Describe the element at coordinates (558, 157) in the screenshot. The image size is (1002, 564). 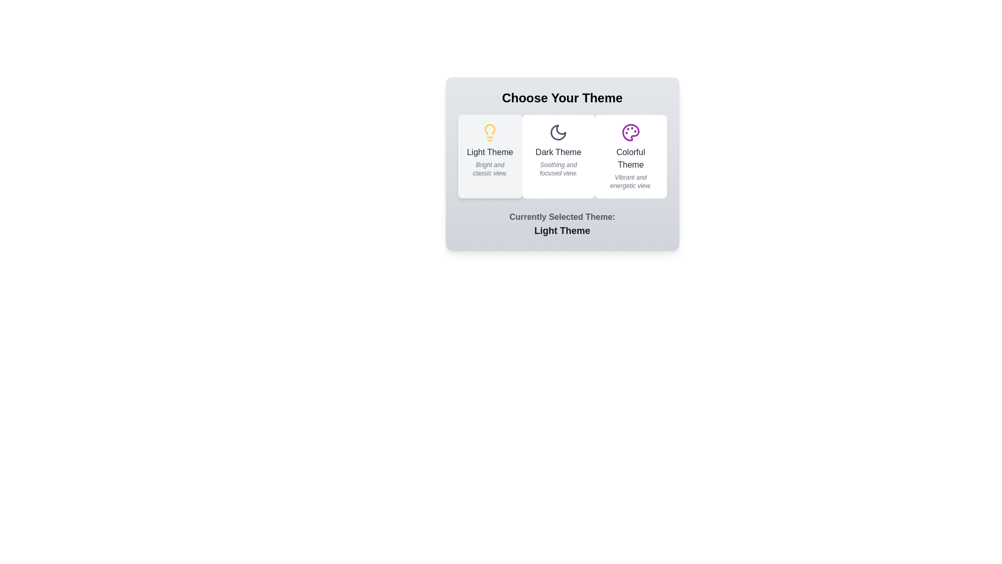
I see `the button corresponding to the Dark Theme theme to select it` at that location.